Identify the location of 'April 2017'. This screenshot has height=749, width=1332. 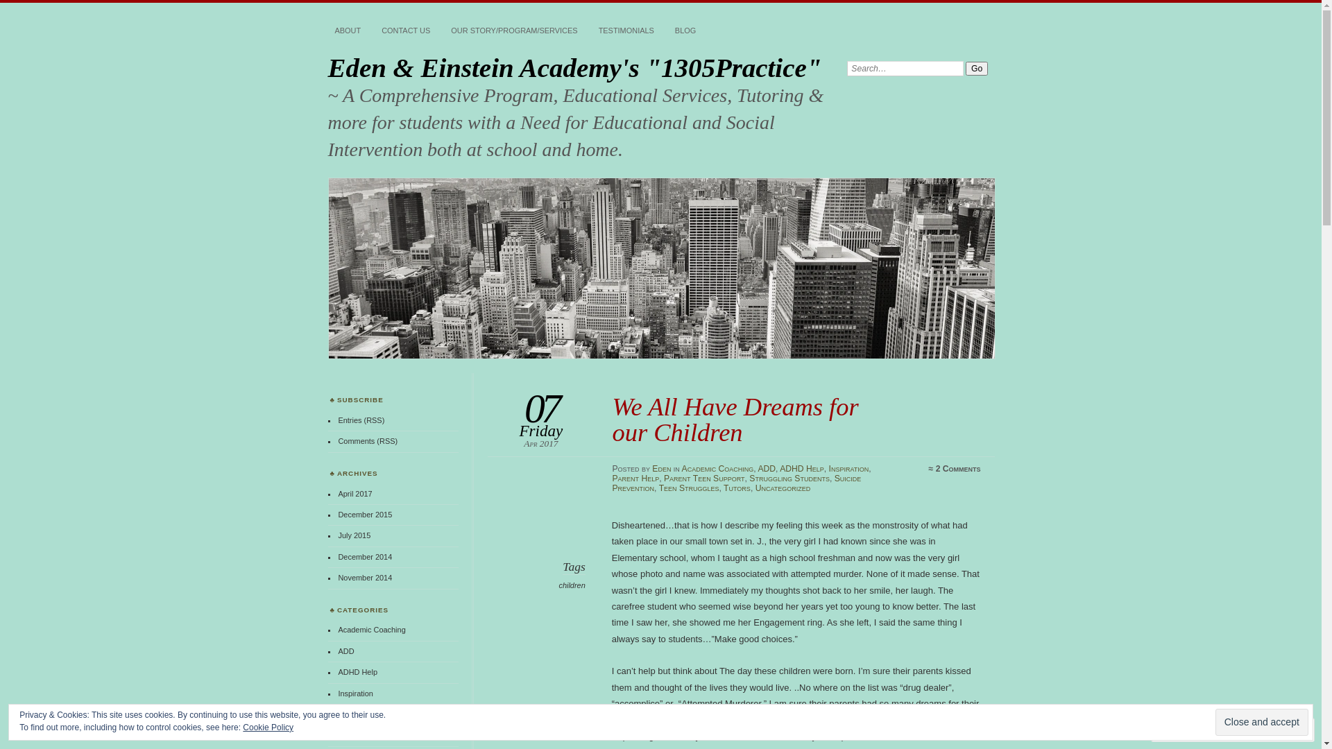
(355, 493).